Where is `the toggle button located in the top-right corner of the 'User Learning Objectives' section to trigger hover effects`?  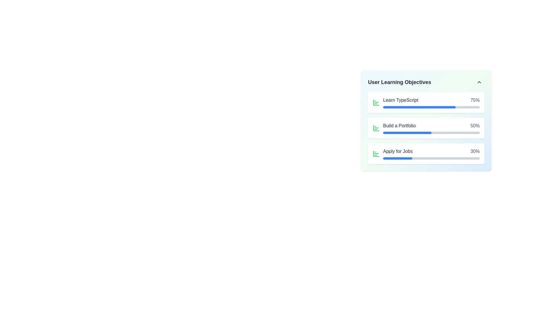
the toggle button located in the top-right corner of the 'User Learning Objectives' section to trigger hover effects is located at coordinates (479, 82).